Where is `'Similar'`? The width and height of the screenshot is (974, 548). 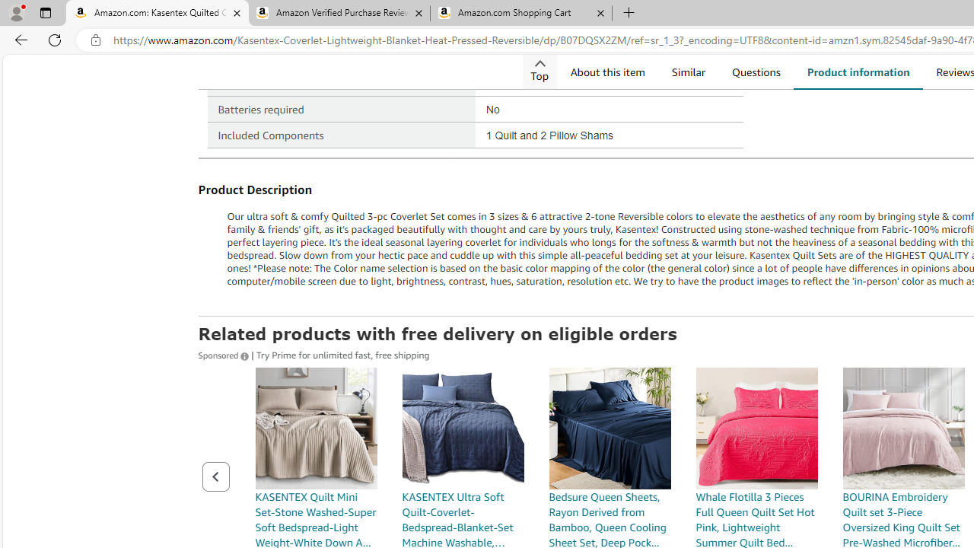 'Similar' is located at coordinates (687, 72).